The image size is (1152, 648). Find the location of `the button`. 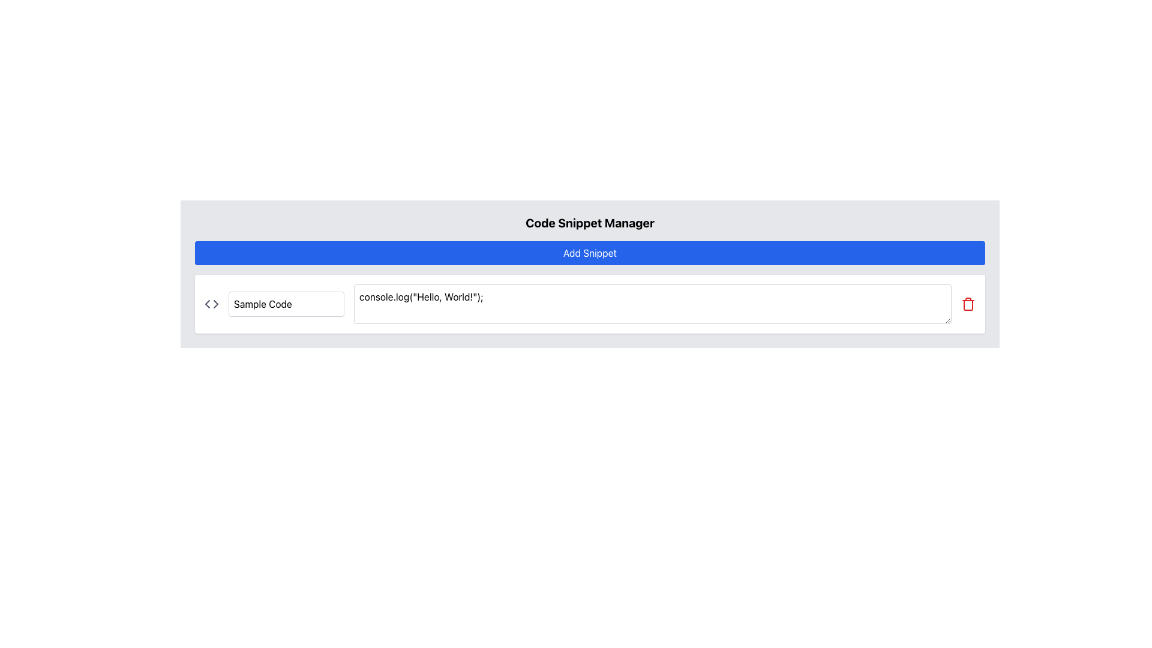

the button is located at coordinates (590, 252).